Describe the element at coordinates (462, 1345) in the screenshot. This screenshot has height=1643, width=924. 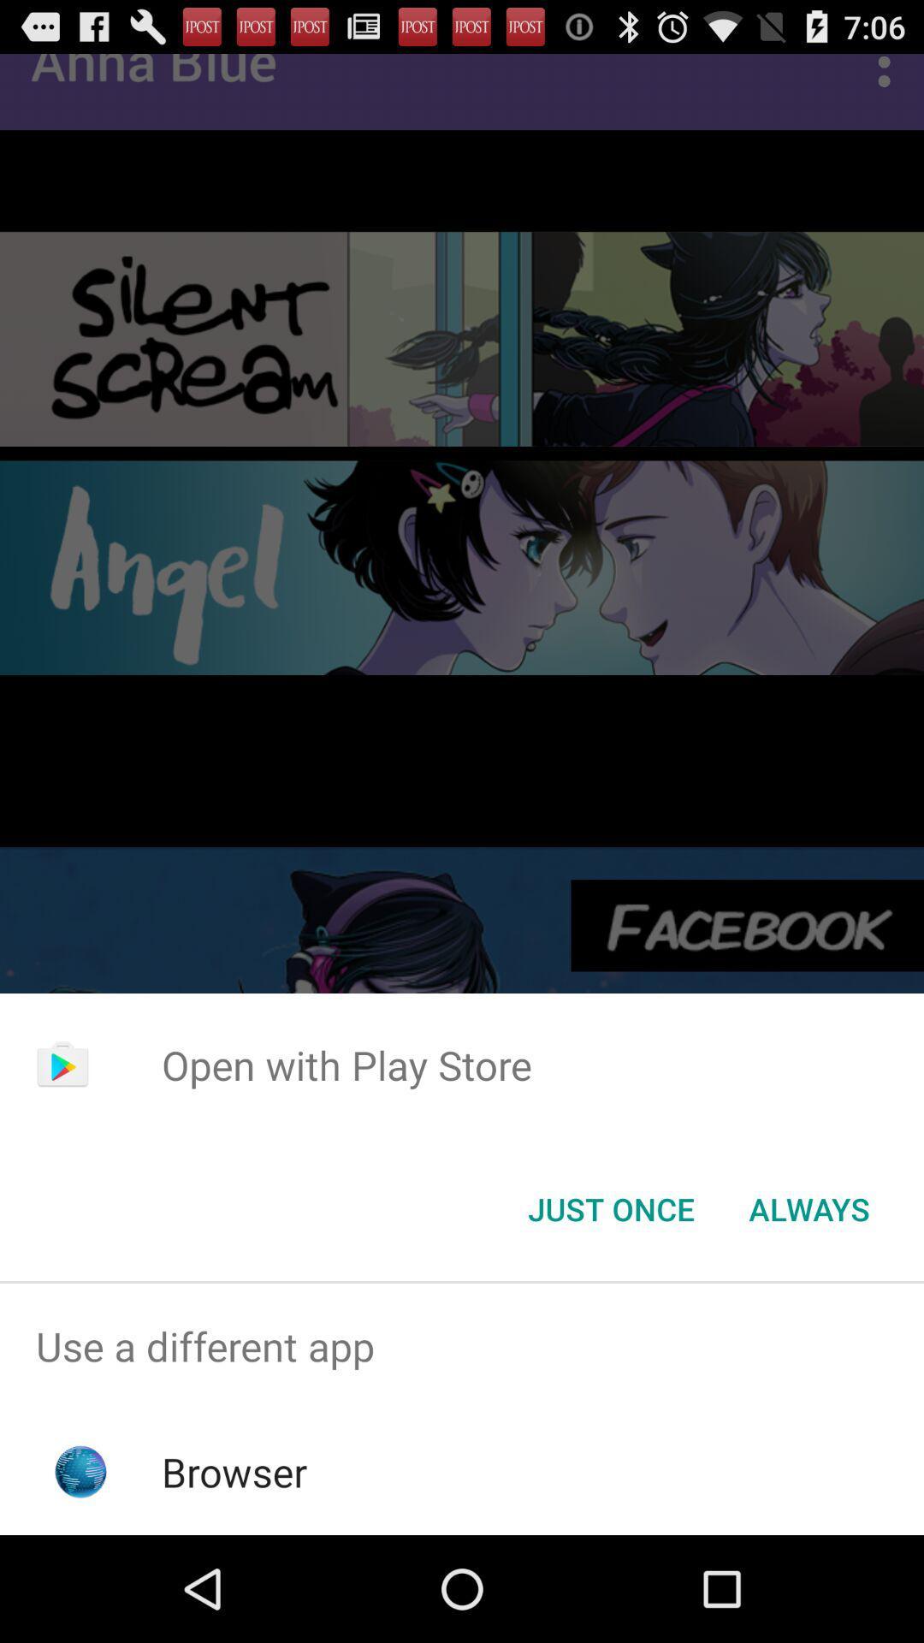
I see `the use a different app` at that location.